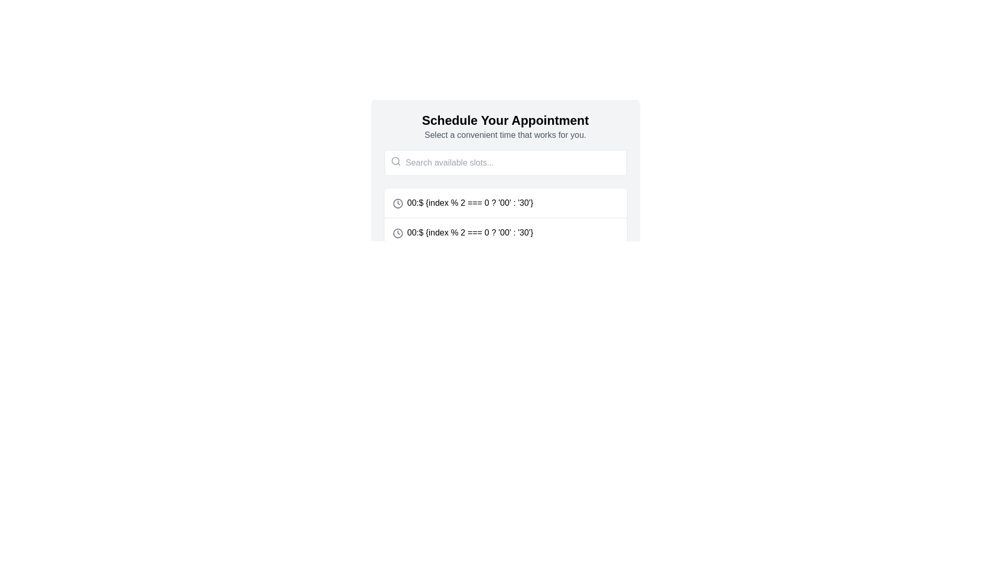 The height and width of the screenshot is (564, 1003). Describe the element at coordinates (397, 232) in the screenshot. I see `the circular border component of the clock face icon, which indicates a time selection feature` at that location.